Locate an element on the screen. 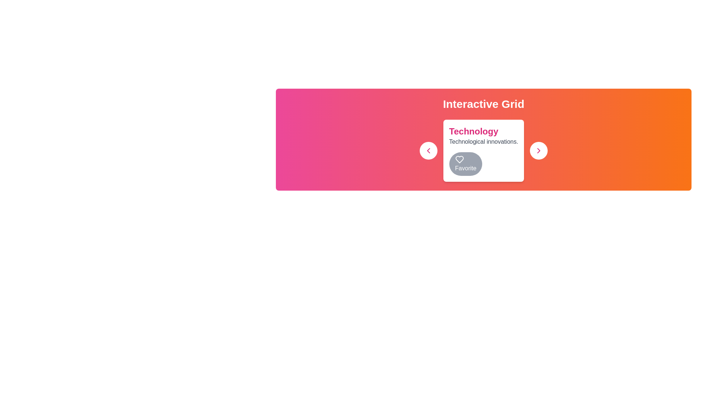 This screenshot has width=710, height=399. the heart icon is located at coordinates (459, 159).